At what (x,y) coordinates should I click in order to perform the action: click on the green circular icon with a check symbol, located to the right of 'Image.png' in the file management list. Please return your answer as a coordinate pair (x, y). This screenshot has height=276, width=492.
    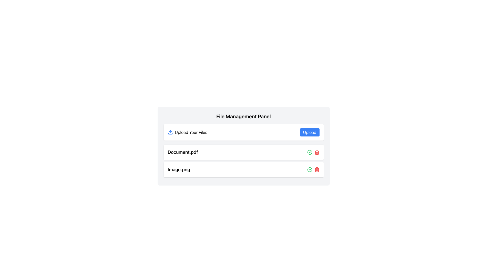
    Looking at the image, I should click on (309, 169).